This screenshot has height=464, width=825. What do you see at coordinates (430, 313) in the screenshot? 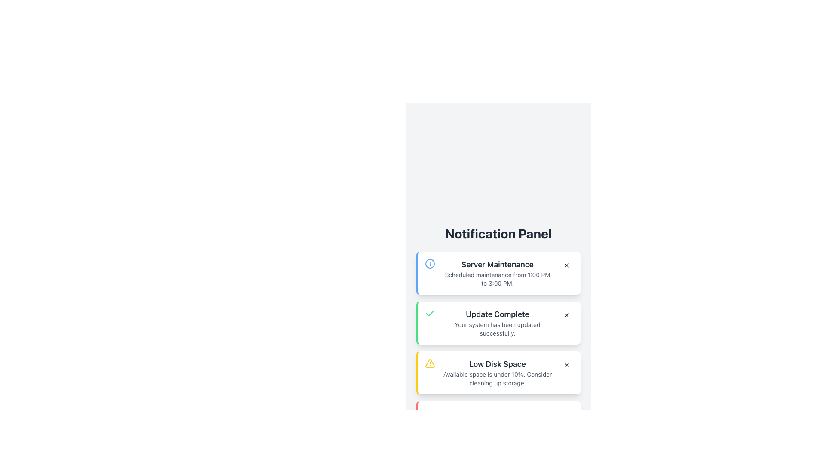
I see `the appearance of the green checkmark icon located in the notification block titled 'Update Complete', which is the second notification in the 'Notification Panel'` at bounding box center [430, 313].